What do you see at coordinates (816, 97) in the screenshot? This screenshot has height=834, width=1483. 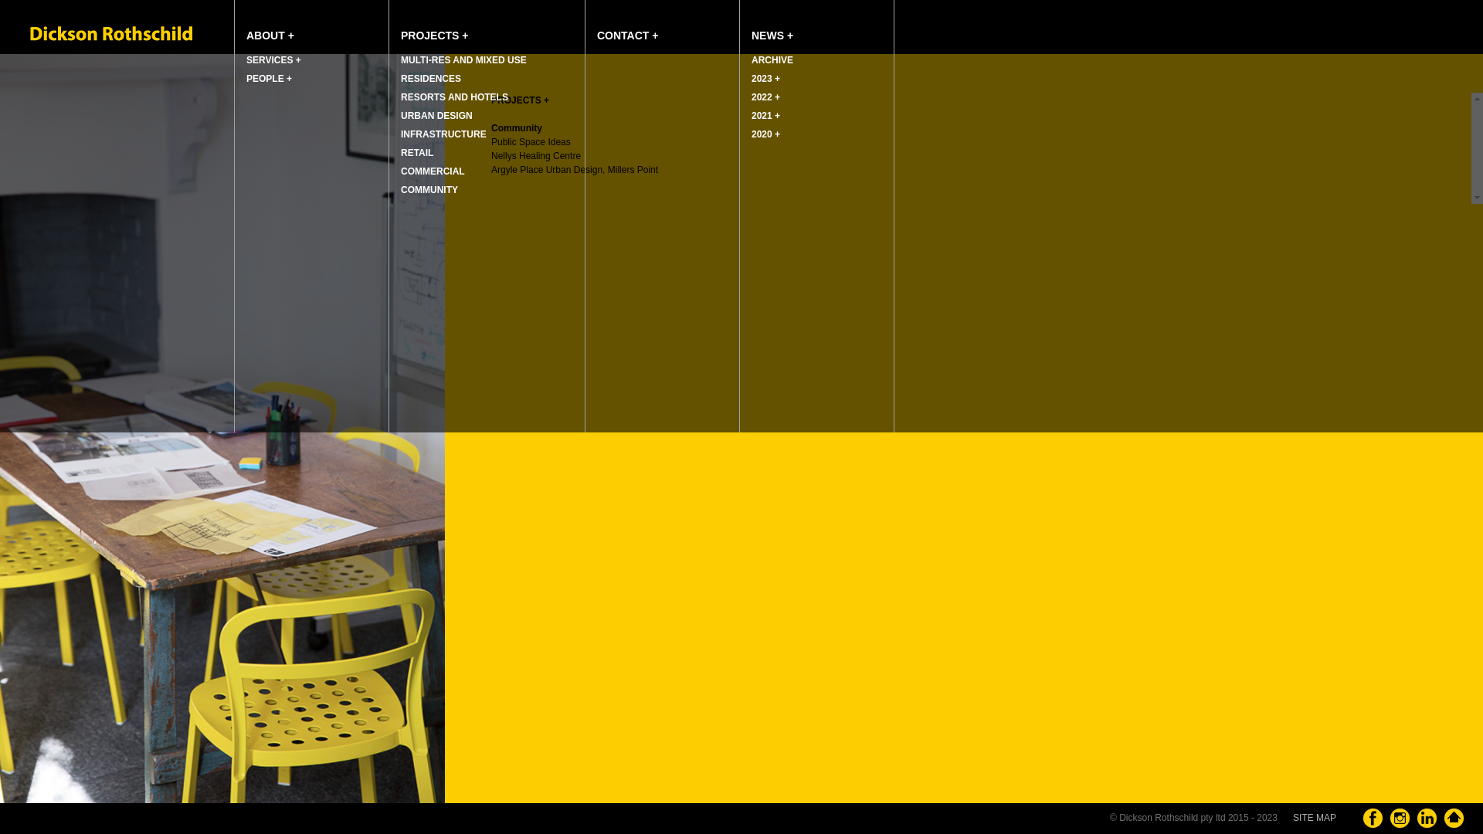 I see `'2022 +'` at bounding box center [816, 97].